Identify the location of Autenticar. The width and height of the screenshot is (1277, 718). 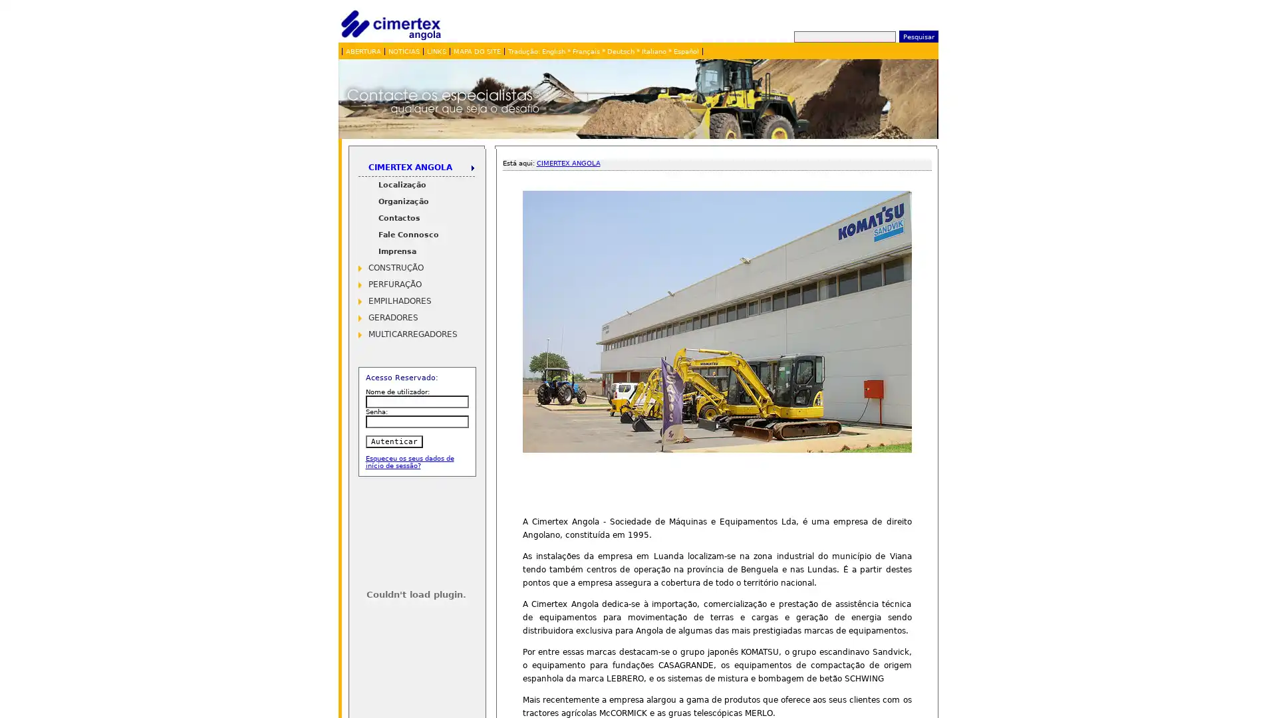
(392, 441).